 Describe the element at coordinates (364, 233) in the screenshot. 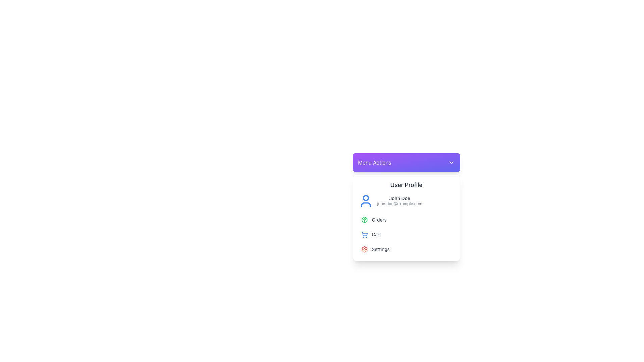

I see `the shopping cart icon, which is styled with a blue outline and located in the third row of the menu, to the left of the 'Cart' label` at that location.